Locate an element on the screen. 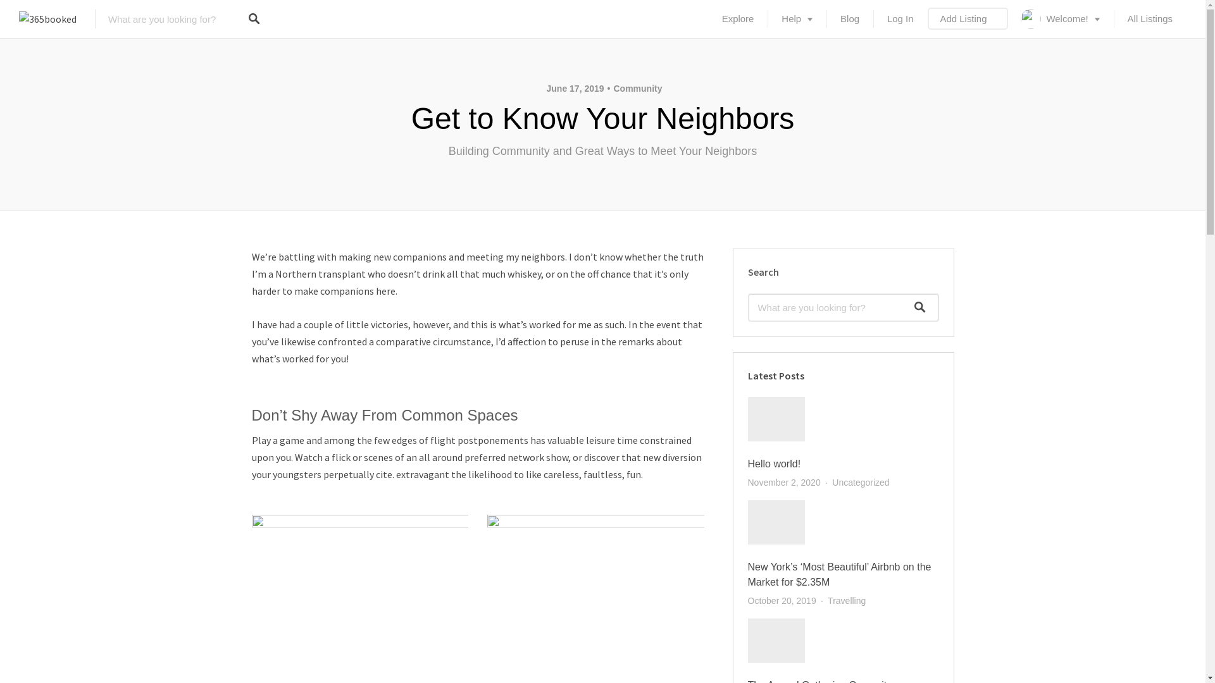 The height and width of the screenshot is (683, 1215). 'Log In' is located at coordinates (899, 19).